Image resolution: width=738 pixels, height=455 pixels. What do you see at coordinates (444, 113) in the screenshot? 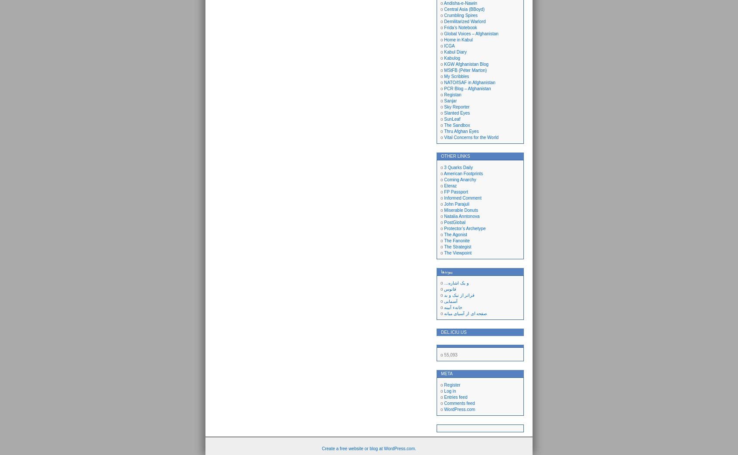
I see `'Slanted Eyes'` at bounding box center [444, 113].